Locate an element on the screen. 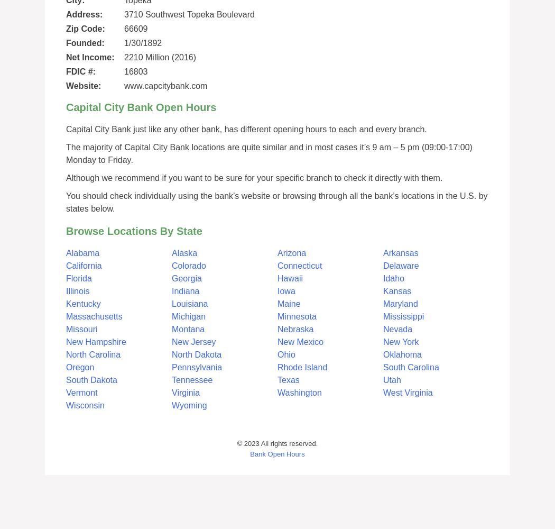 Image resolution: width=555 pixels, height=529 pixels. 'Connecticut' is located at coordinates (299, 266).